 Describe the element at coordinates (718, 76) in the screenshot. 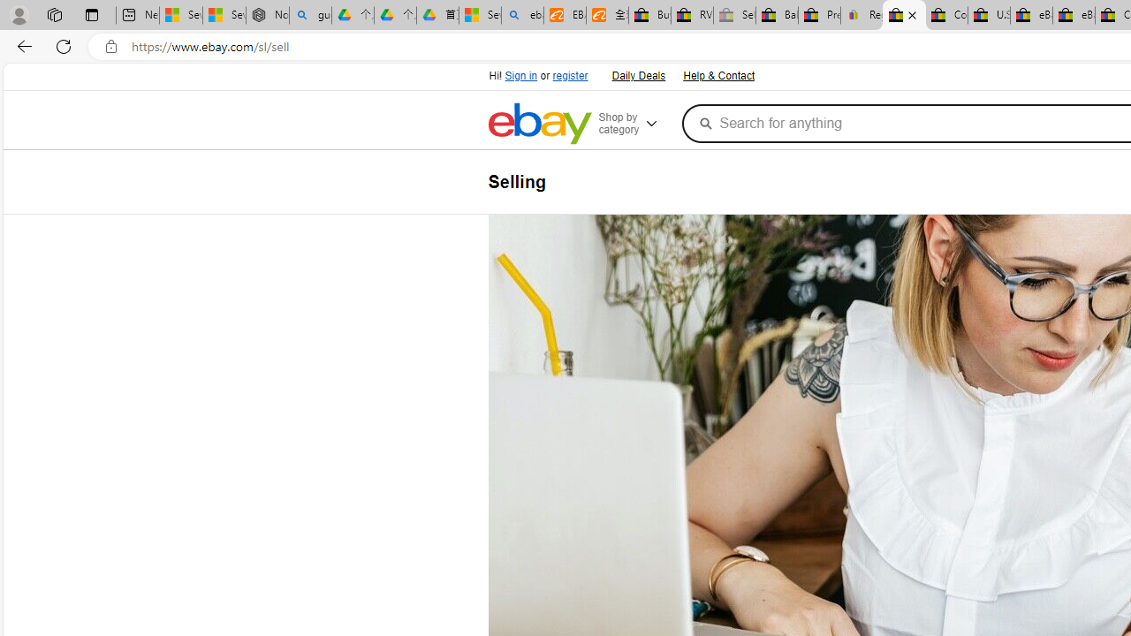

I see `'Help & Contact'` at that location.